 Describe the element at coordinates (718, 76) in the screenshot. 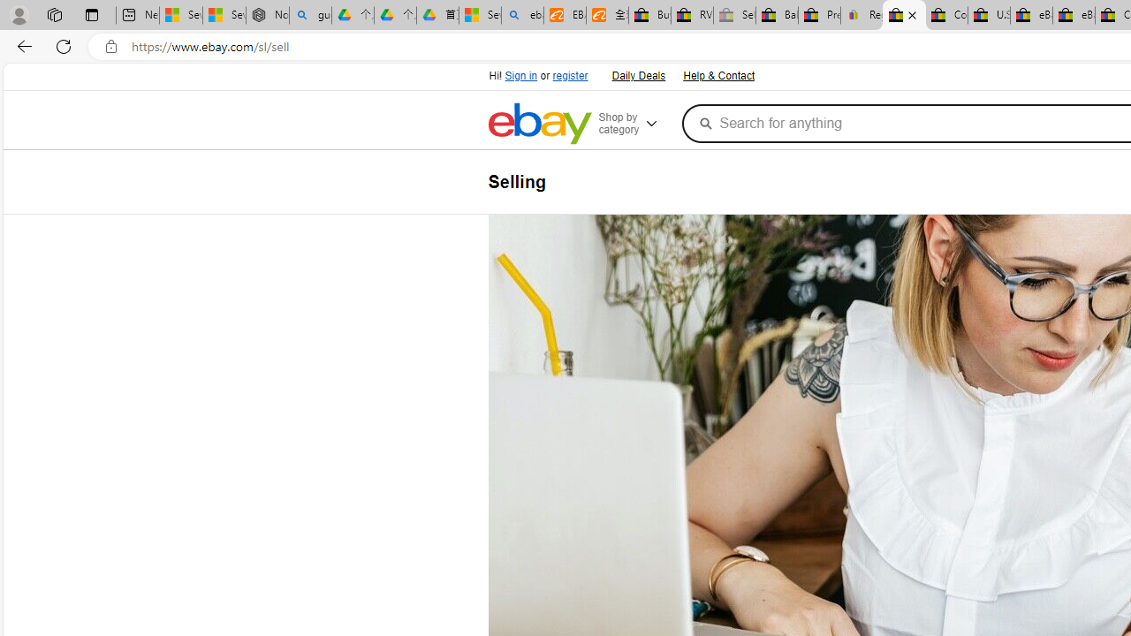

I see `'Help & Contact'` at that location.